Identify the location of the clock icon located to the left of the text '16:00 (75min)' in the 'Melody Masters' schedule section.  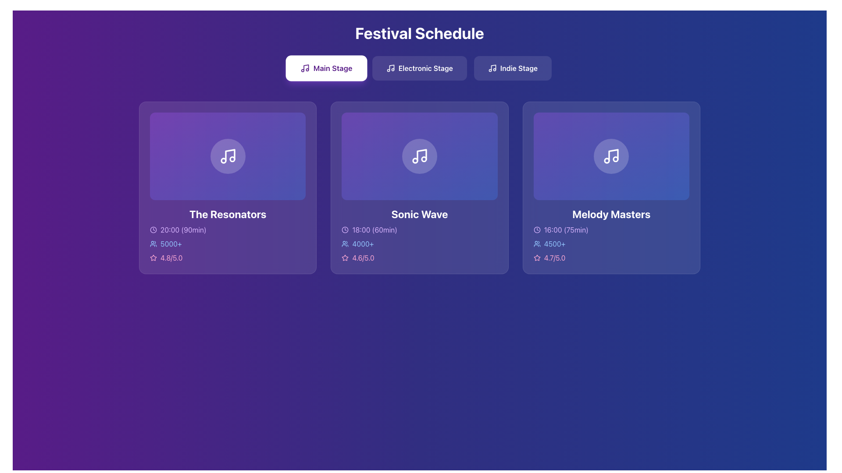
(536, 229).